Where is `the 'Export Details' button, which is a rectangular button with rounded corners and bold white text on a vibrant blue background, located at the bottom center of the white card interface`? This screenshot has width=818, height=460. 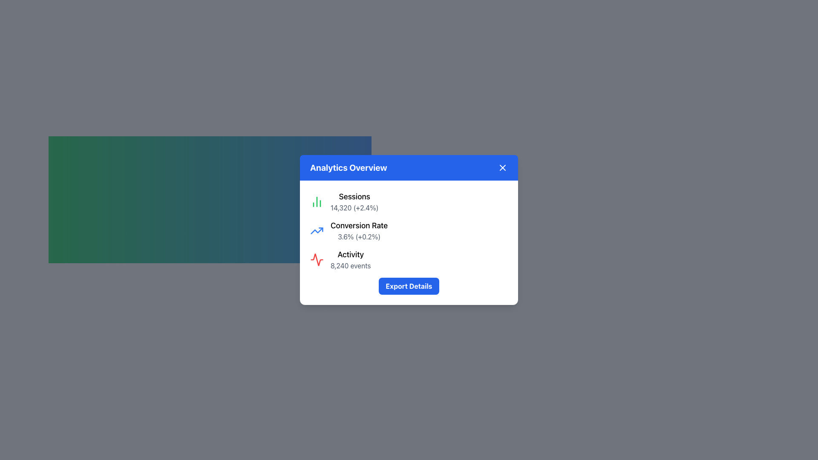
the 'Export Details' button, which is a rectangular button with rounded corners and bold white text on a vibrant blue background, located at the bottom center of the white card interface is located at coordinates (409, 286).